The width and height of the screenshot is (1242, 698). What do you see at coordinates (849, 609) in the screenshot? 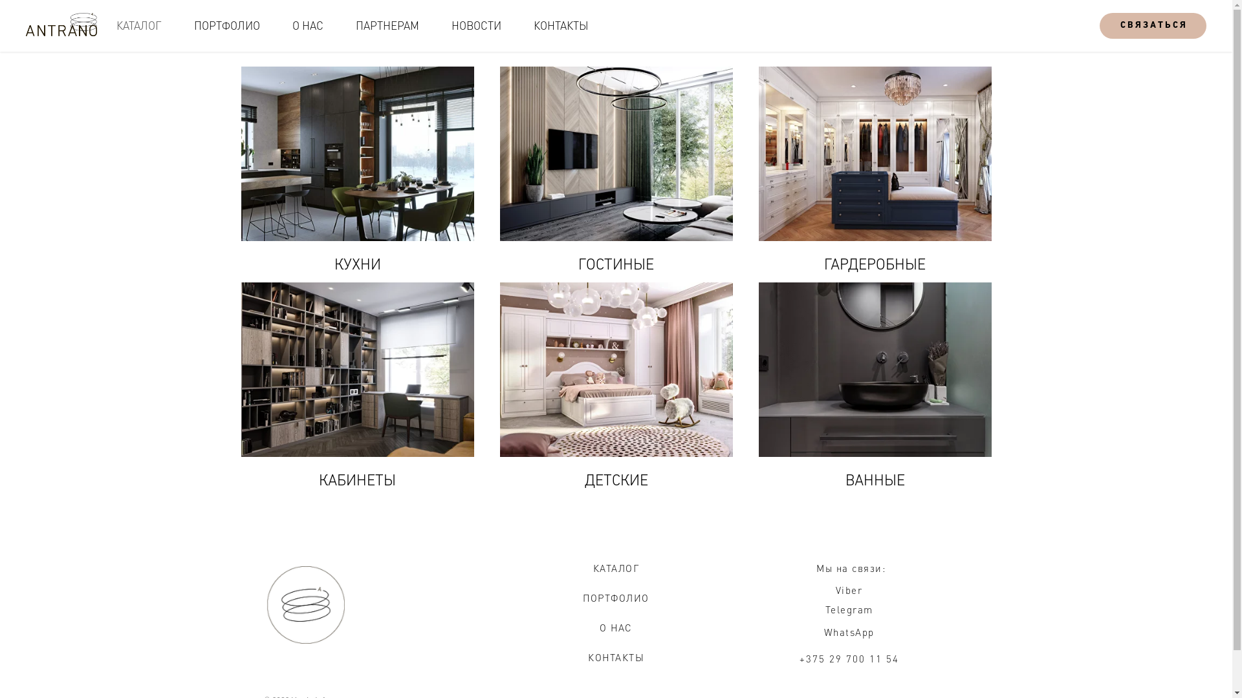
I see `'Telegram'` at bounding box center [849, 609].